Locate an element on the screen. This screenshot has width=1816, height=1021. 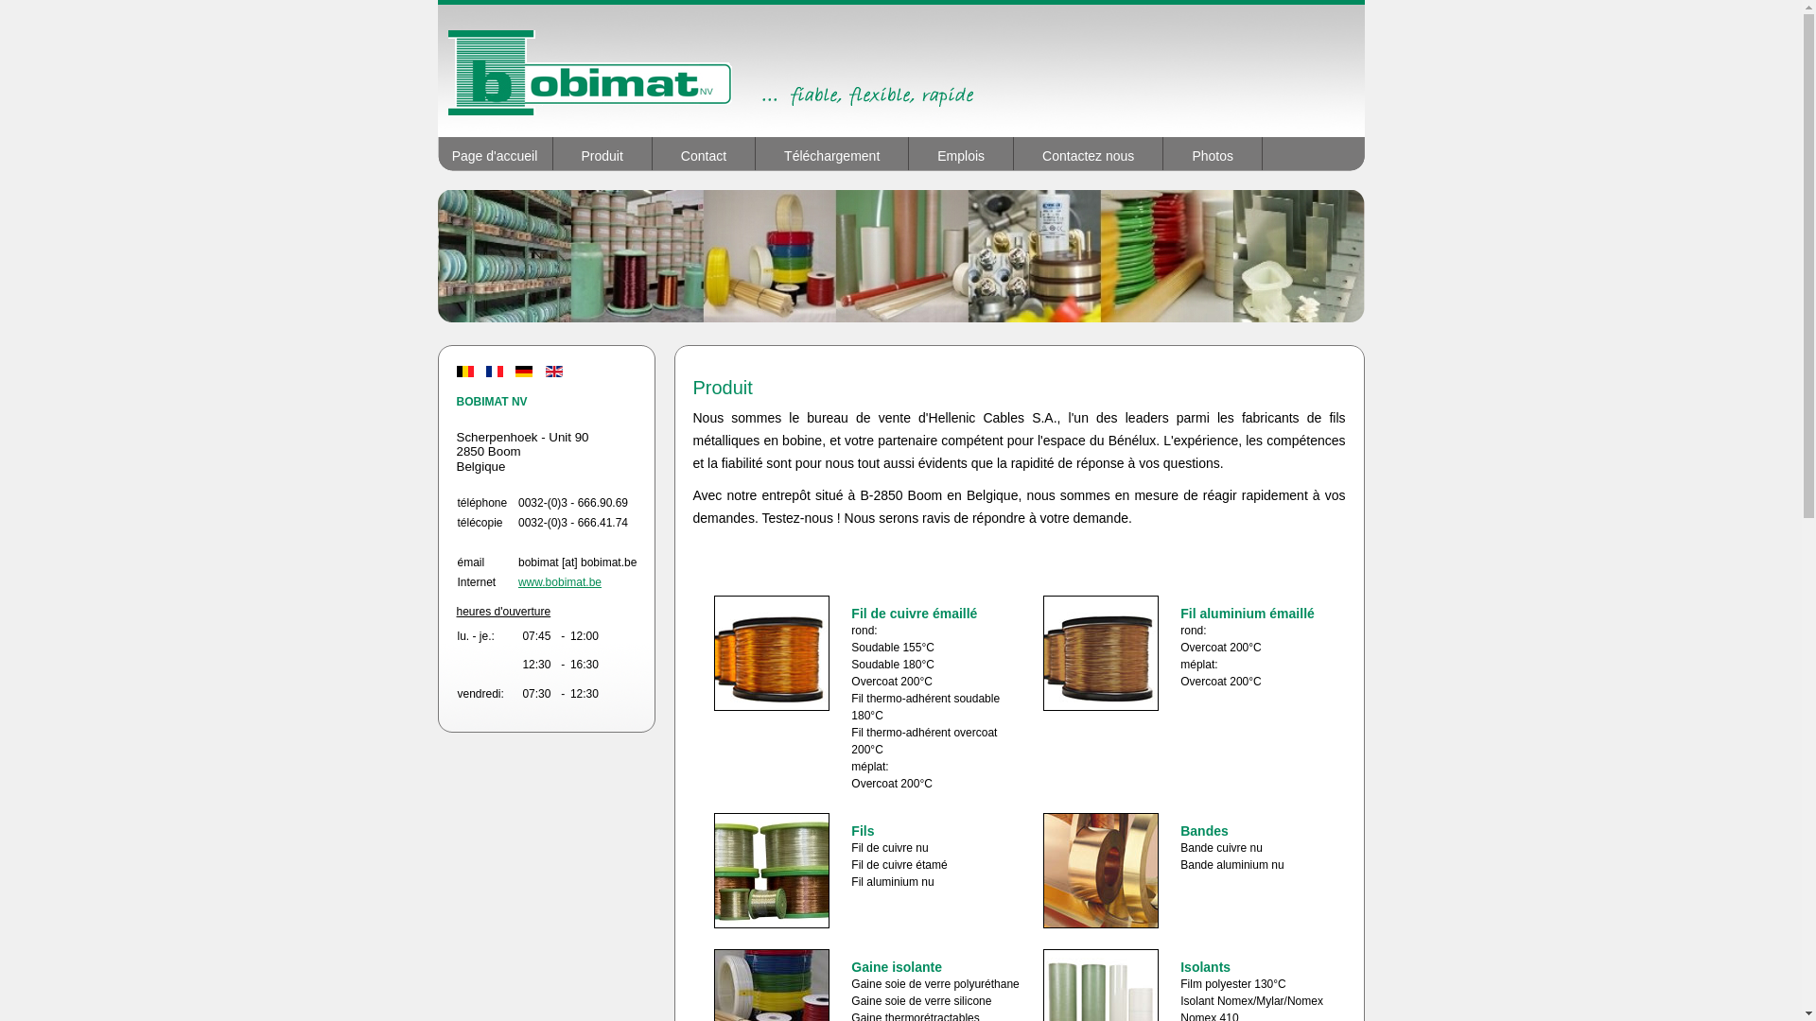
'English (UK)' is located at coordinates (552, 372).